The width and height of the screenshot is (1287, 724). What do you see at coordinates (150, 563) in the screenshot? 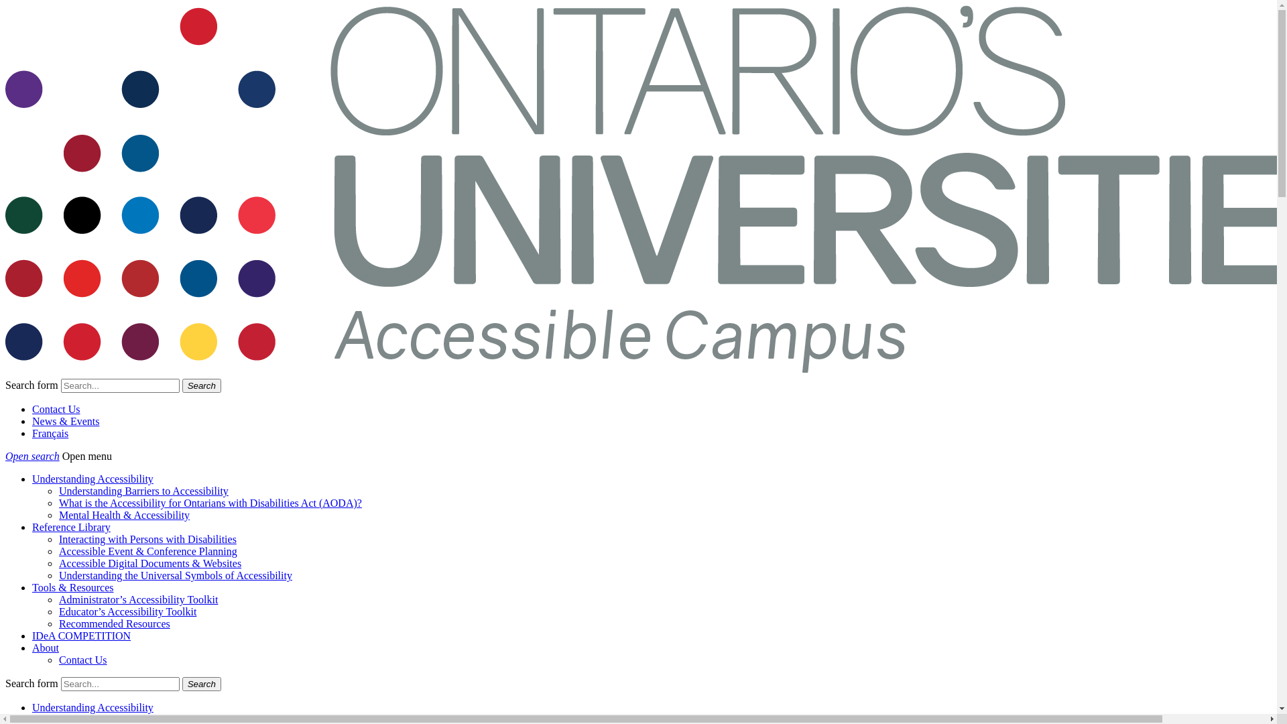
I see `'Accessible Digital Documents & Websites'` at bounding box center [150, 563].